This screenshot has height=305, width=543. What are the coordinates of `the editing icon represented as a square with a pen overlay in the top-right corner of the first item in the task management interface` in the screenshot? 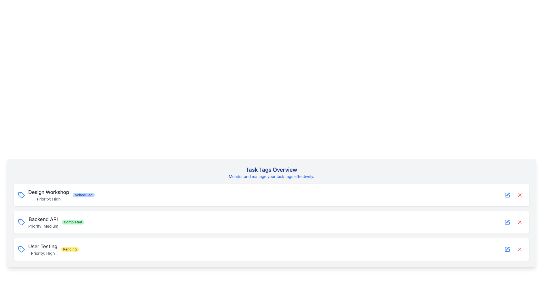 It's located at (507, 195).